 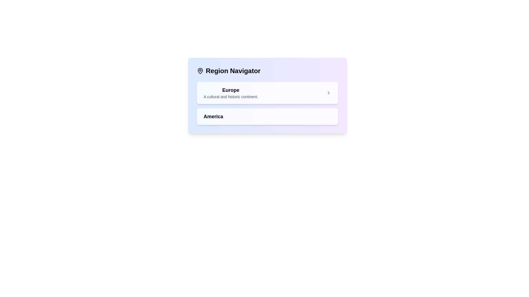 I want to click on the 'America' button located in the 'Region Navigator' section, which follows the 'Europe' button in the vertical list, so click(x=267, y=116).